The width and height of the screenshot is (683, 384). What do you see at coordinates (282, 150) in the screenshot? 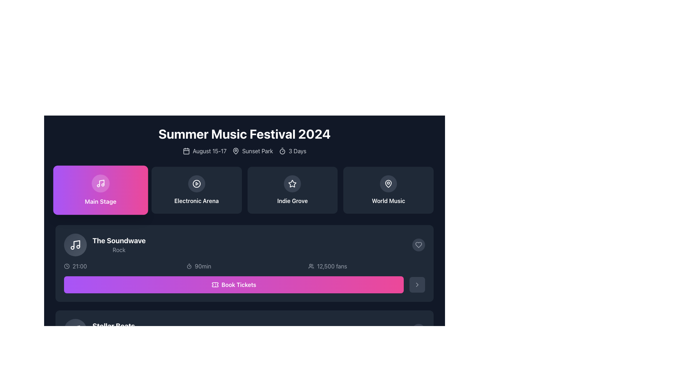
I see `the compact graphical icon representing a timer or clock, which is located to the left of the '3 Days' text in the header section` at bounding box center [282, 150].